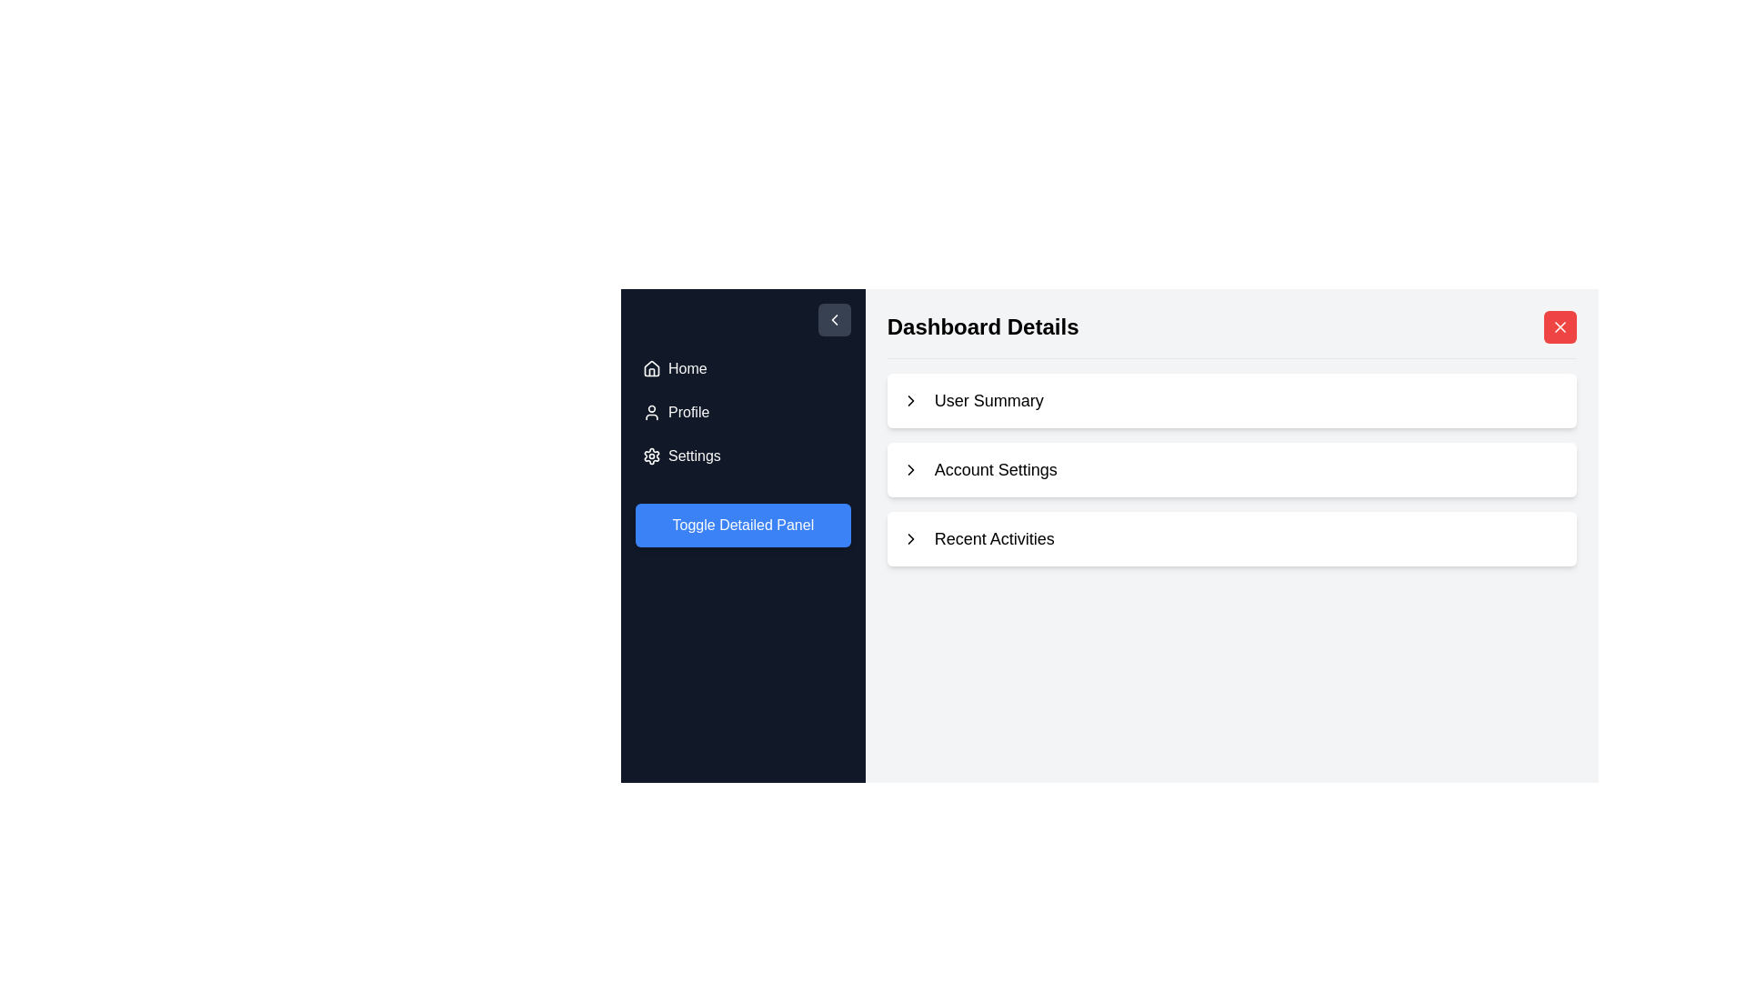 The width and height of the screenshot is (1746, 982). Describe the element at coordinates (910, 468) in the screenshot. I see `the collapsible icon for the 'Account Settings' entry in the Dashboard Details panel` at that location.